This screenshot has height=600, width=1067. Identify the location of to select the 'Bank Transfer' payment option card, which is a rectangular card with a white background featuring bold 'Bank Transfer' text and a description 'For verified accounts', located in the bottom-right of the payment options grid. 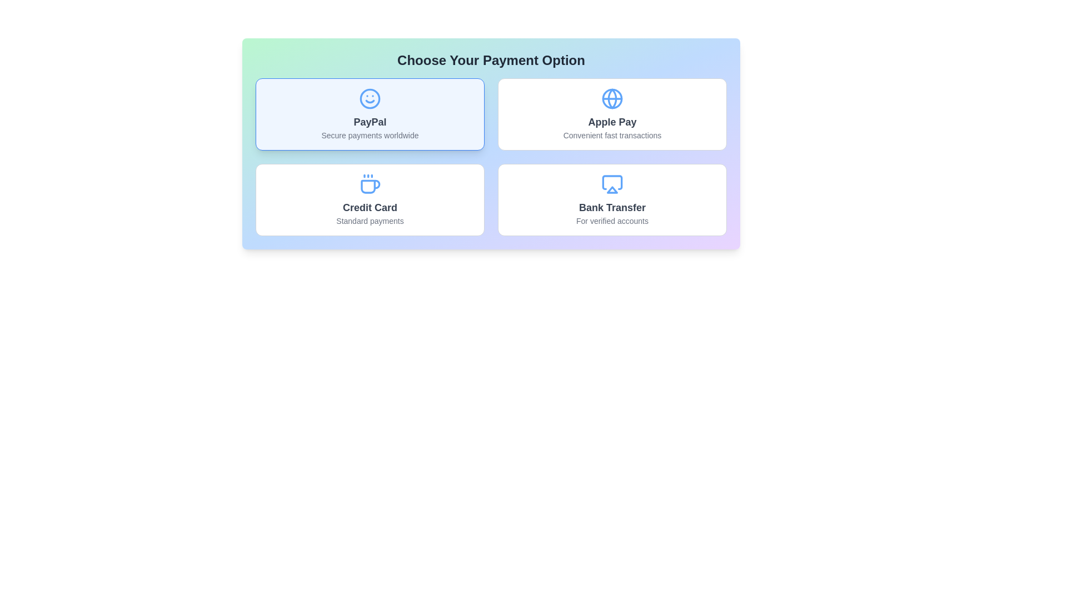
(612, 199).